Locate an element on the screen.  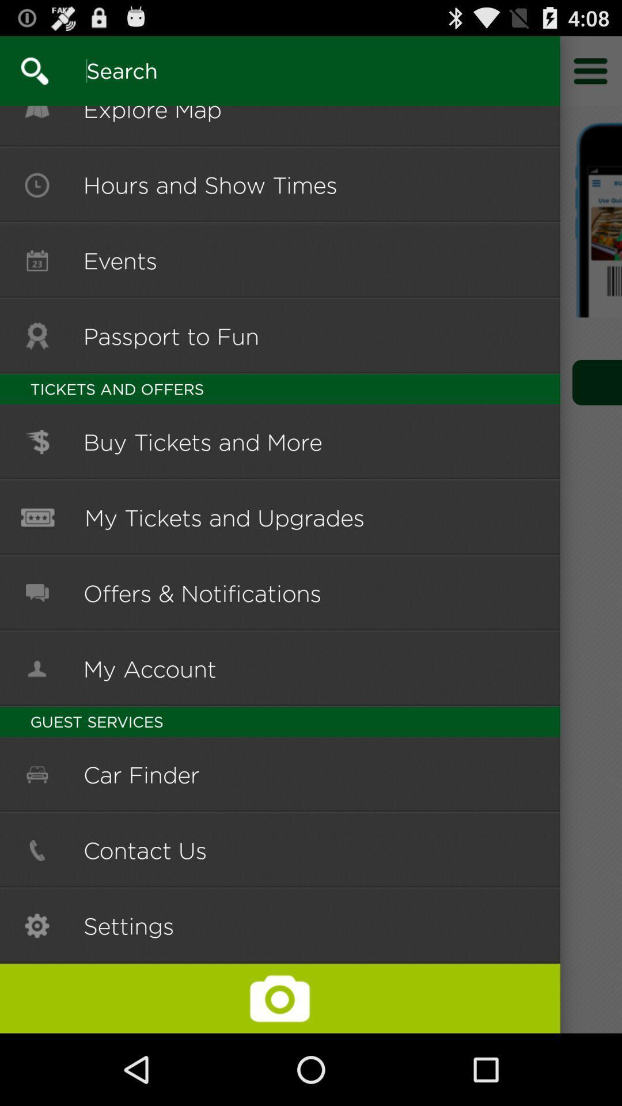
search is located at coordinates (24, 70).